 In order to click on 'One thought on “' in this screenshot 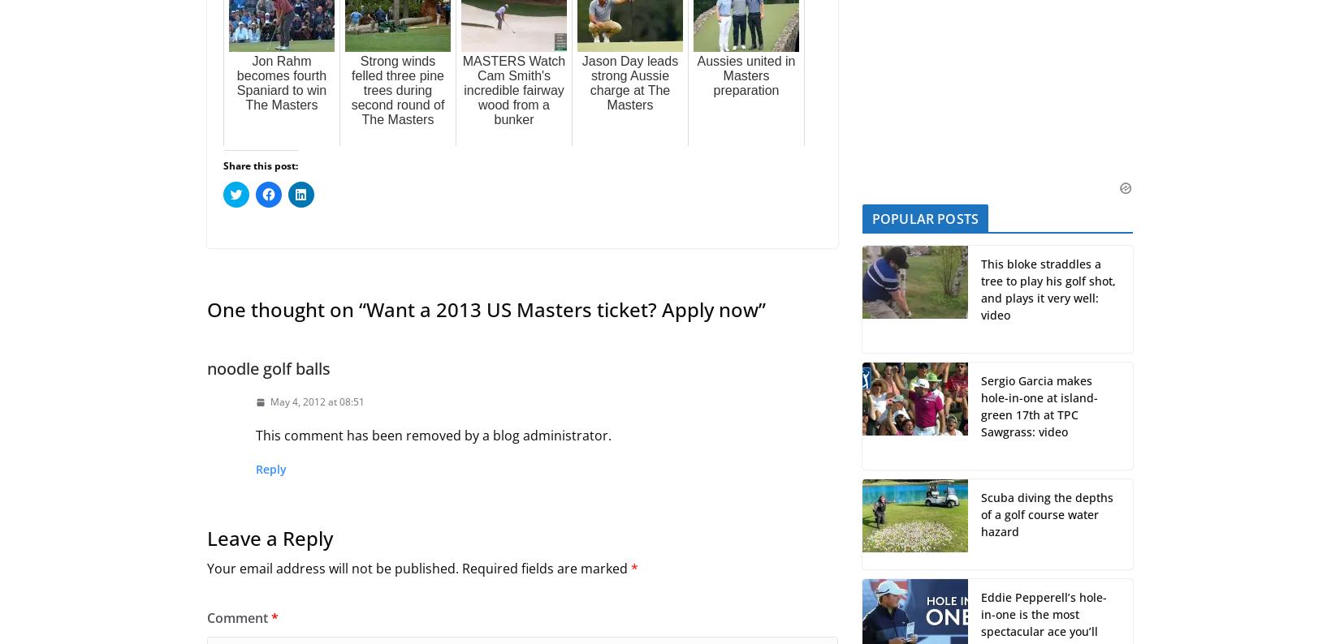, I will do `click(286, 309)`.